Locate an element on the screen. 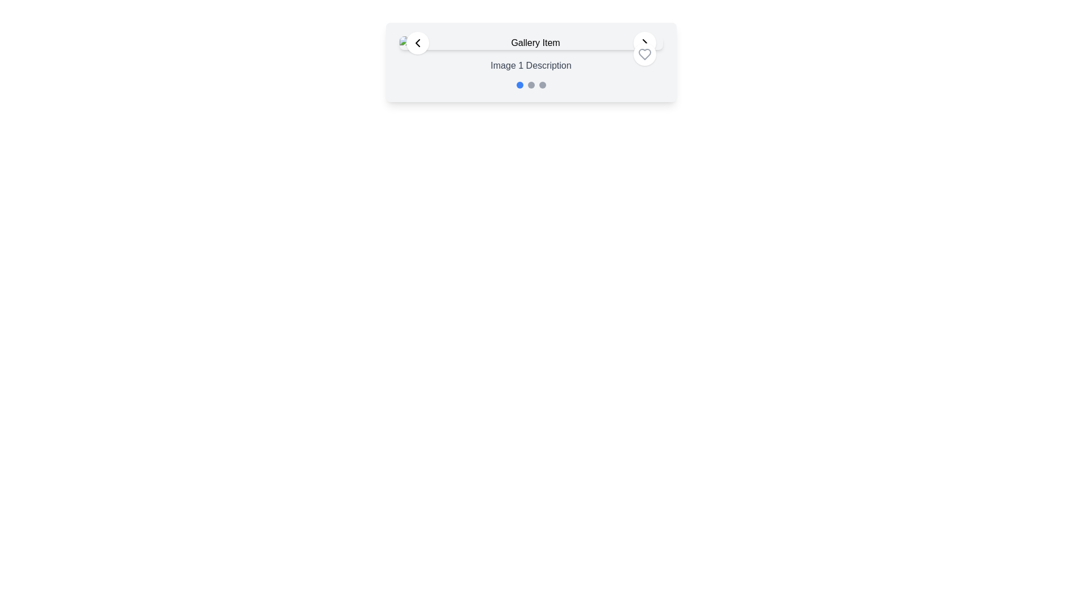  the 'like' or 'favorite' button located at the top-right corner of the gallery navigation interface is located at coordinates (644, 54).